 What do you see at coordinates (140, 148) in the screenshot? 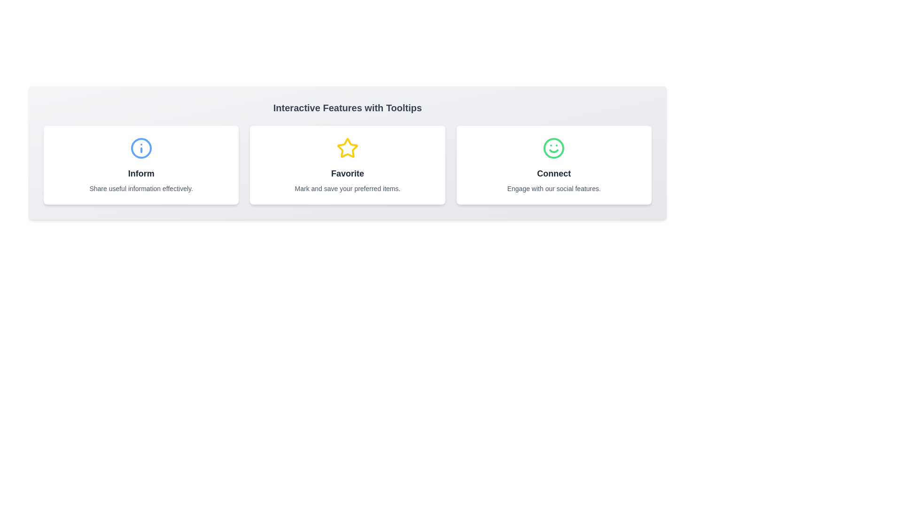
I see `the information icon, which is a blue circle with a lowercase 'i' symbol against a white background, located in the first section labeled 'Inform'` at bounding box center [140, 148].